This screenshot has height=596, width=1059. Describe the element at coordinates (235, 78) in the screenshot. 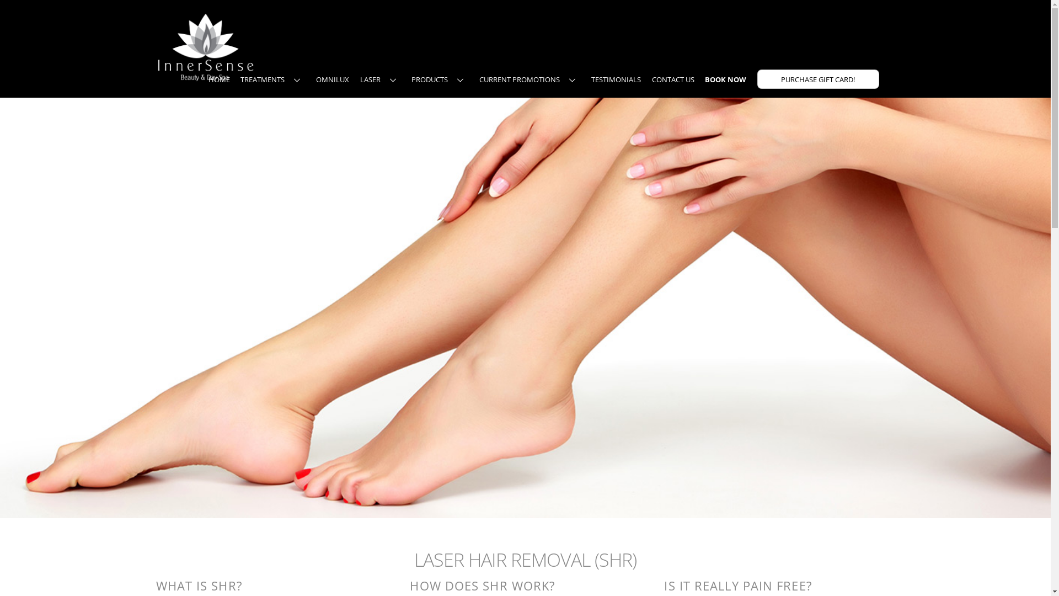

I see `'TREATMENTS'` at that location.